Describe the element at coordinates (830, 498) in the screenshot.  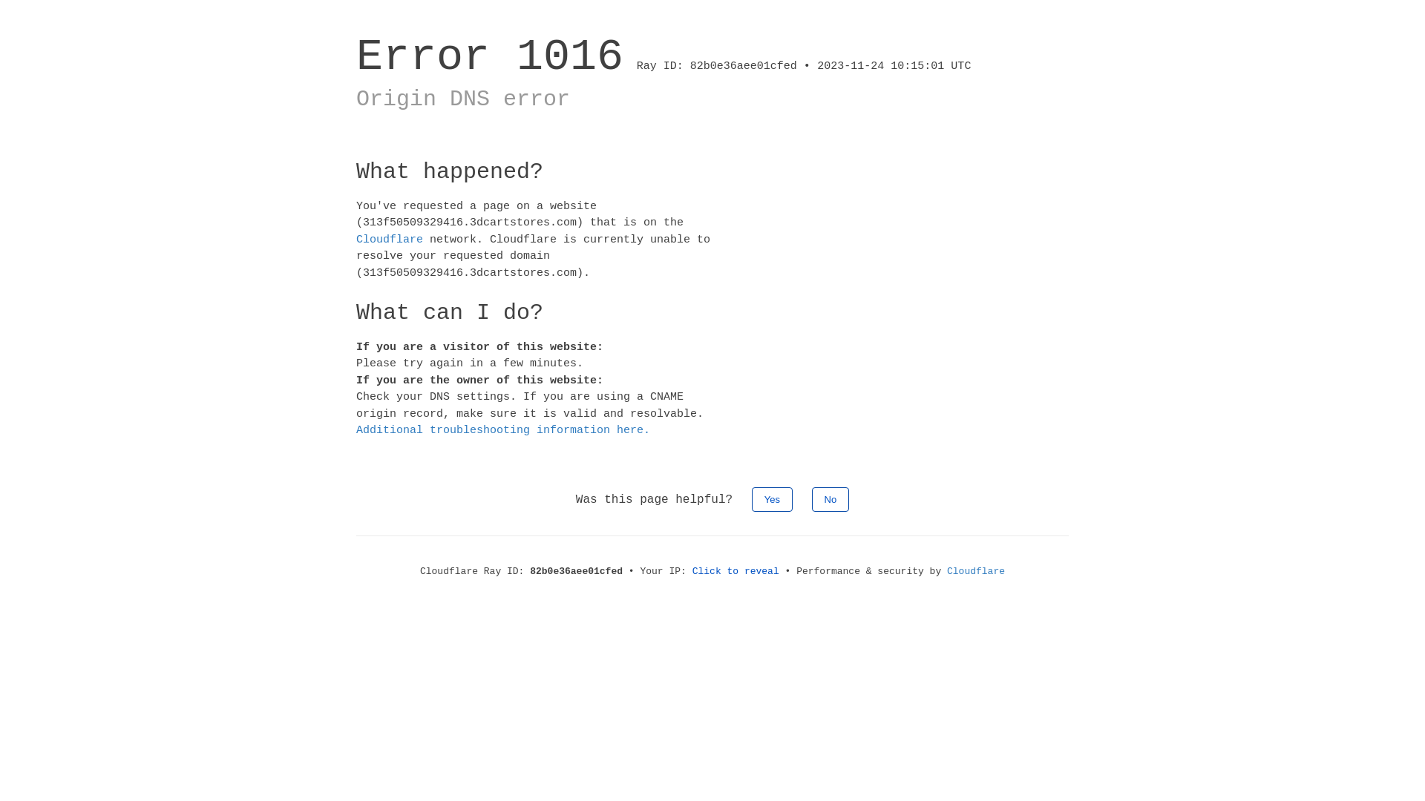
I see `'No'` at that location.